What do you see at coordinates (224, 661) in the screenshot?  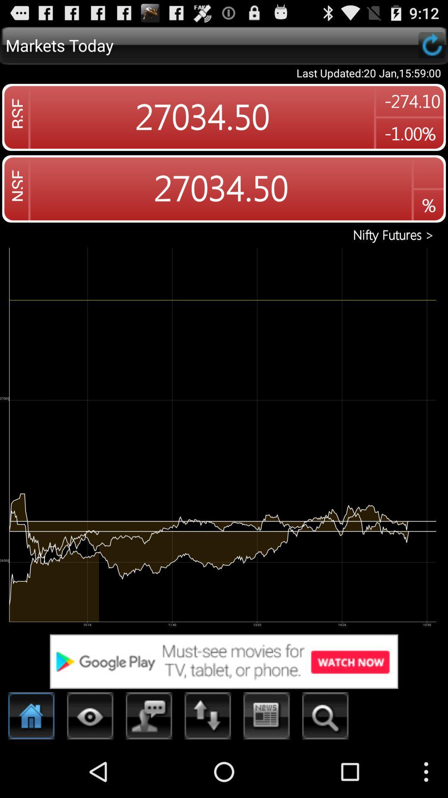 I see `google search` at bounding box center [224, 661].